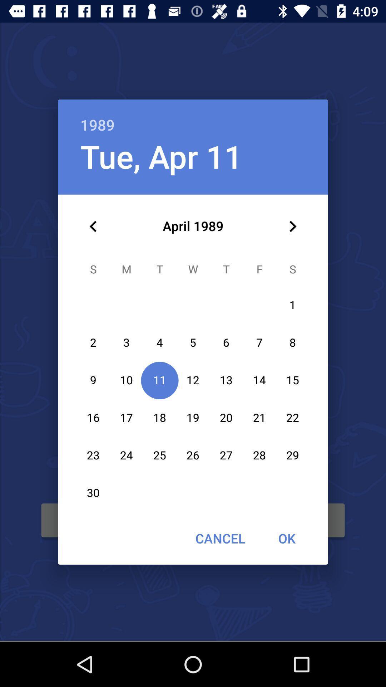 The width and height of the screenshot is (386, 687). Describe the element at coordinates (161, 156) in the screenshot. I see `item below the 1989 item` at that location.